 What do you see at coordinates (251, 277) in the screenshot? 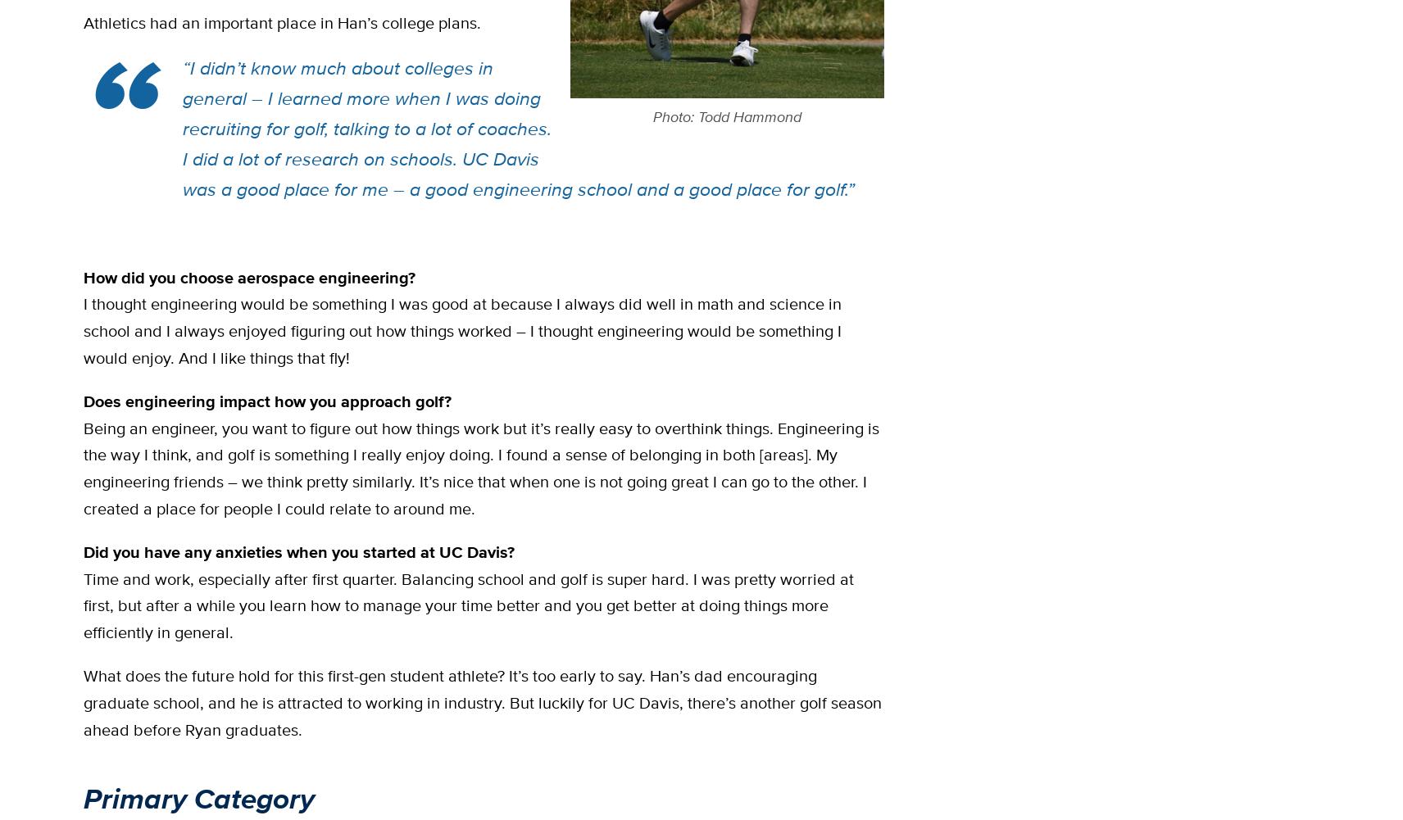
I see `'How did you choose aerospace engineering?'` at bounding box center [251, 277].